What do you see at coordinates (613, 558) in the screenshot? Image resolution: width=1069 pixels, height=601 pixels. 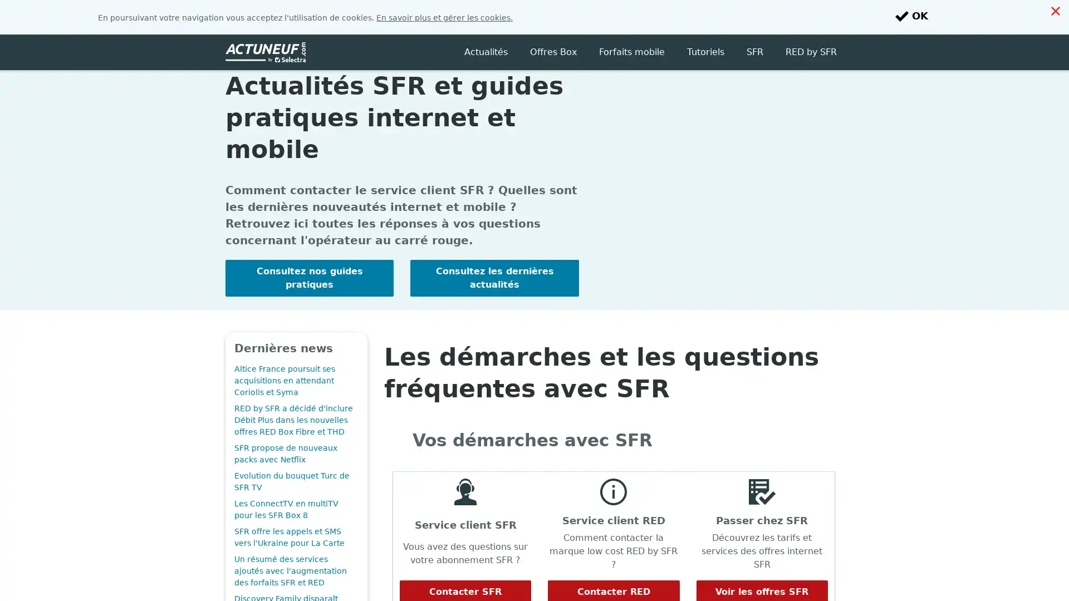 I see `Contacter RED` at bounding box center [613, 558].